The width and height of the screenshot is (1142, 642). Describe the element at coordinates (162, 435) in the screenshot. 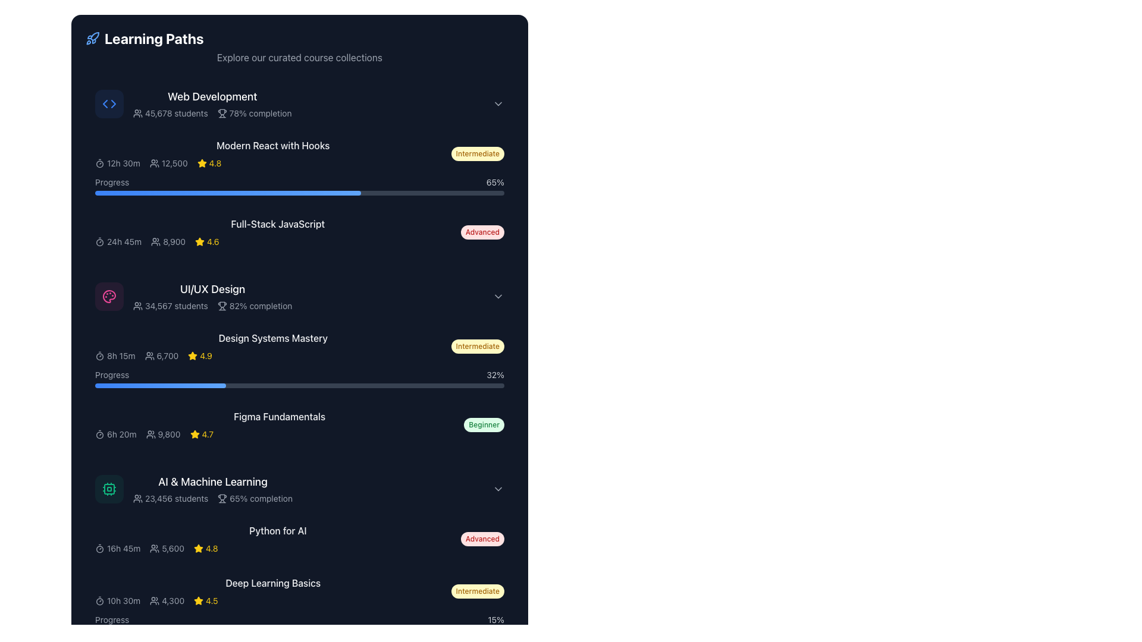

I see `the text label displaying the number of students enrolled in the 'Figma Fundamentals' course, located in the statistics row below its title` at that location.